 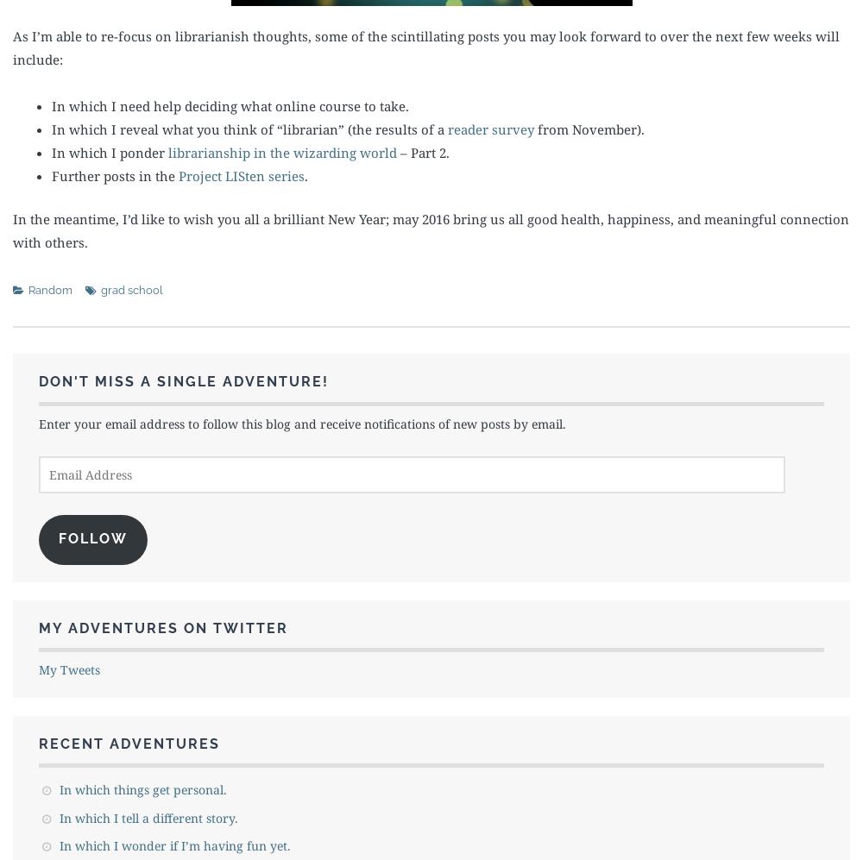 I want to click on 'In which I tell a different story.', so click(x=148, y=817).